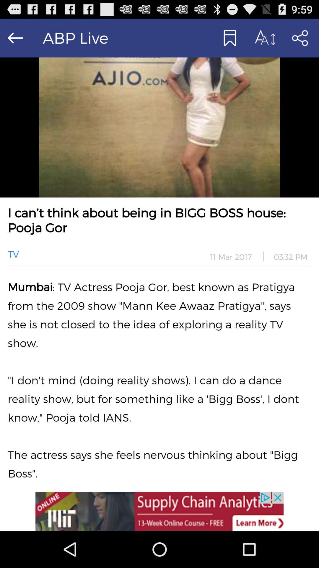 The width and height of the screenshot is (319, 568). Describe the element at coordinates (264, 40) in the screenshot. I see `the font icon` at that location.